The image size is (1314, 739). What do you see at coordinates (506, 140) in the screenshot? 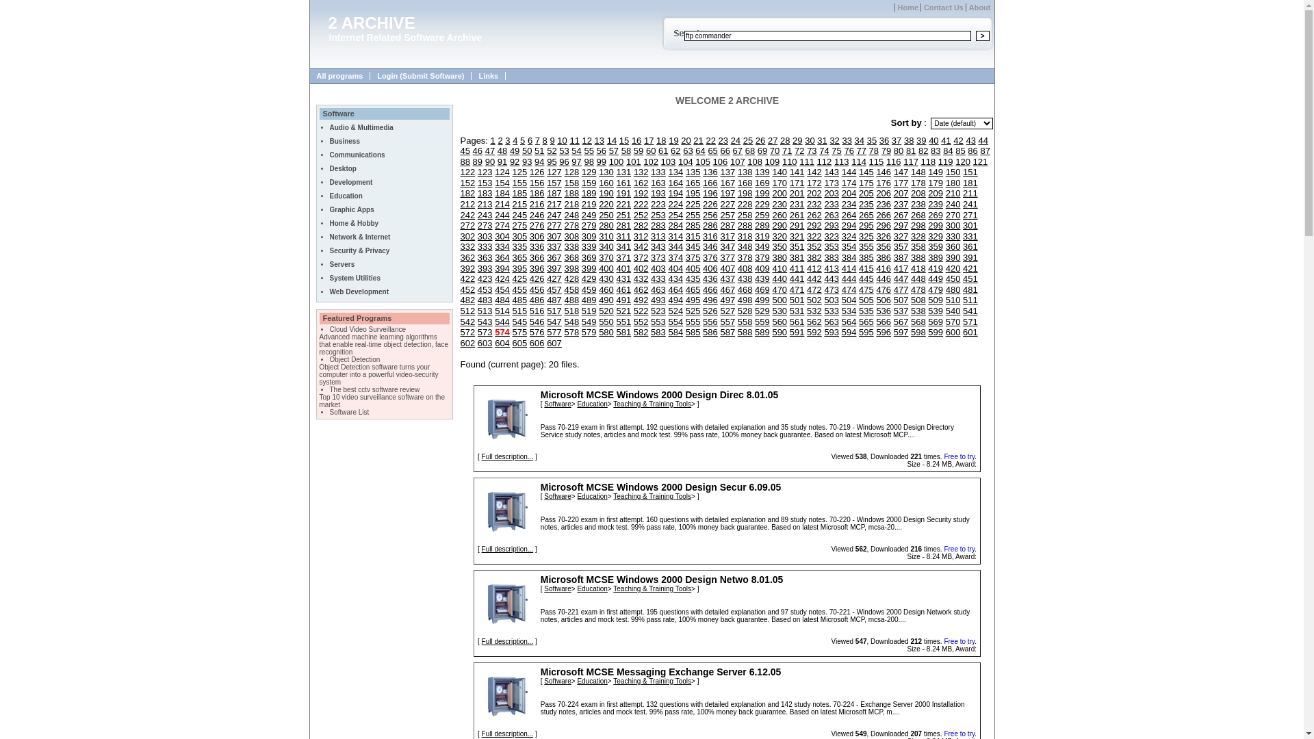
I see `'3'` at bounding box center [506, 140].